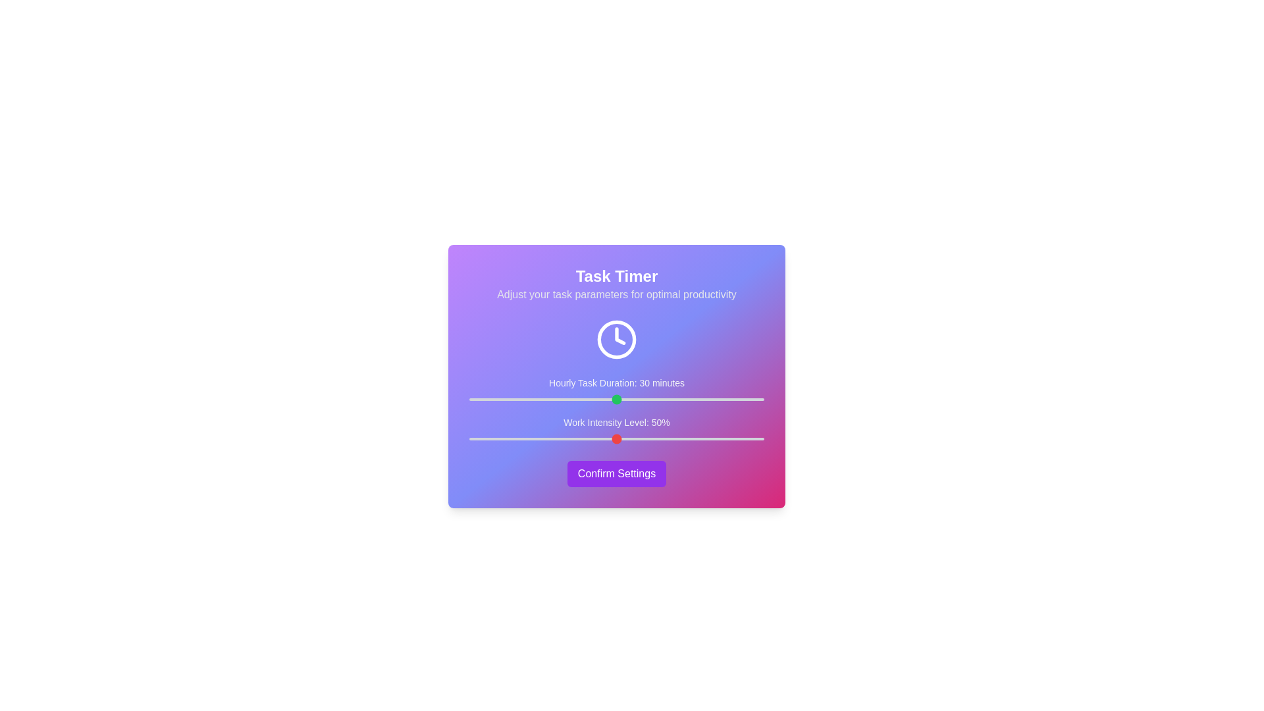 The width and height of the screenshot is (1264, 711). What do you see at coordinates (517, 398) in the screenshot?
I see `the 'Hourly Task Duration' slider to 10 minutes` at bounding box center [517, 398].